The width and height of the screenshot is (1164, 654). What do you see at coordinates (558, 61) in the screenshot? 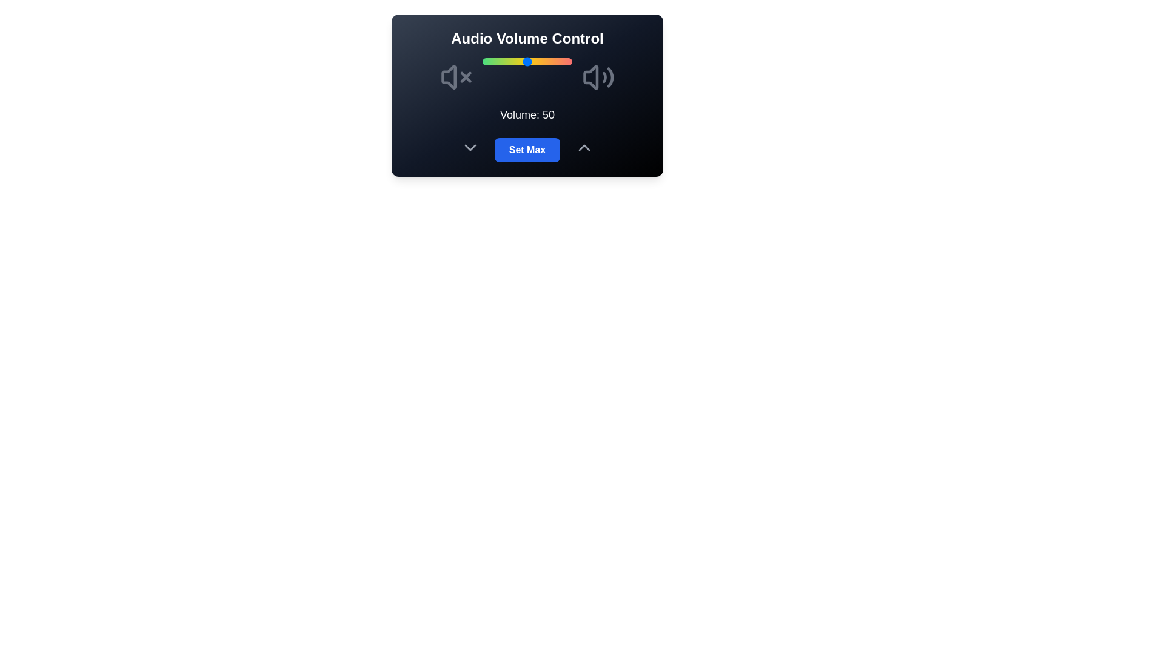
I see `the volume slider to 85 percent` at bounding box center [558, 61].